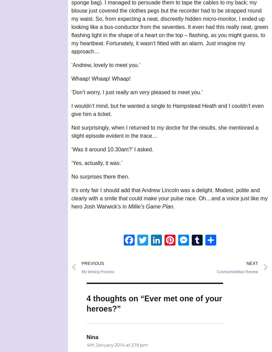 The width and height of the screenshot is (272, 352). I want to click on '4th January 2014 at 3:19 pm', so click(117, 344).